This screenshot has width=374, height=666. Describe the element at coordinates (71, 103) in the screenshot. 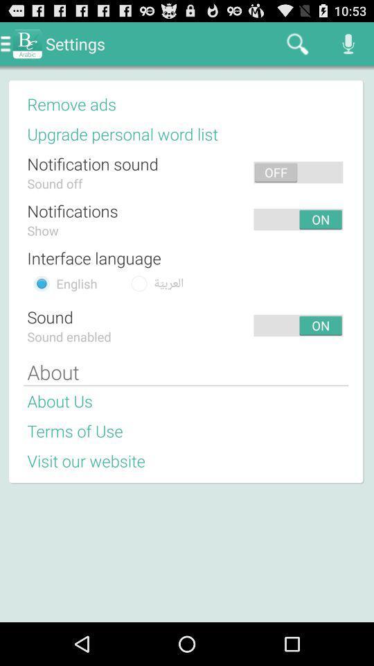

I see `remove ads icon` at that location.